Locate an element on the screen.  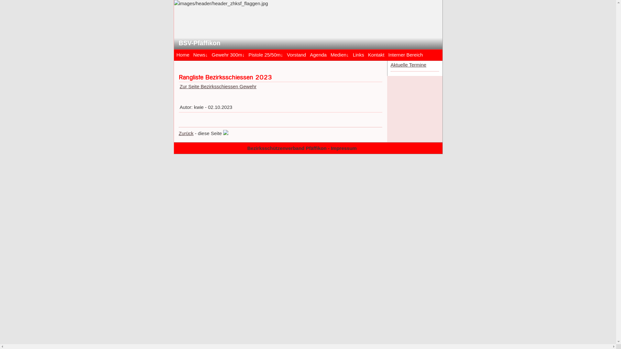
'Links' is located at coordinates (358, 54).